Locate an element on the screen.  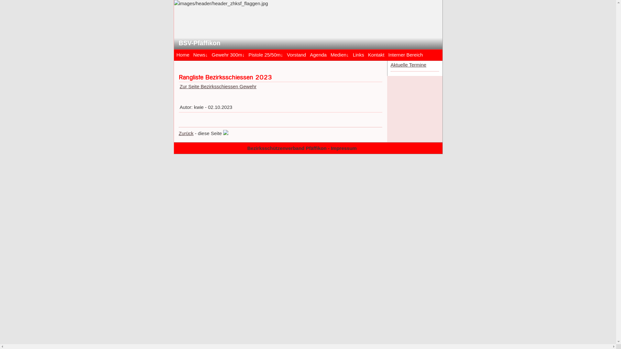
'Links' is located at coordinates (358, 54).